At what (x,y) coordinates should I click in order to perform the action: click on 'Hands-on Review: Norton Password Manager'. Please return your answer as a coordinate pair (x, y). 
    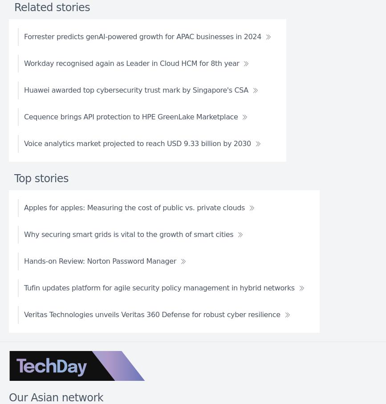
    Looking at the image, I should click on (100, 260).